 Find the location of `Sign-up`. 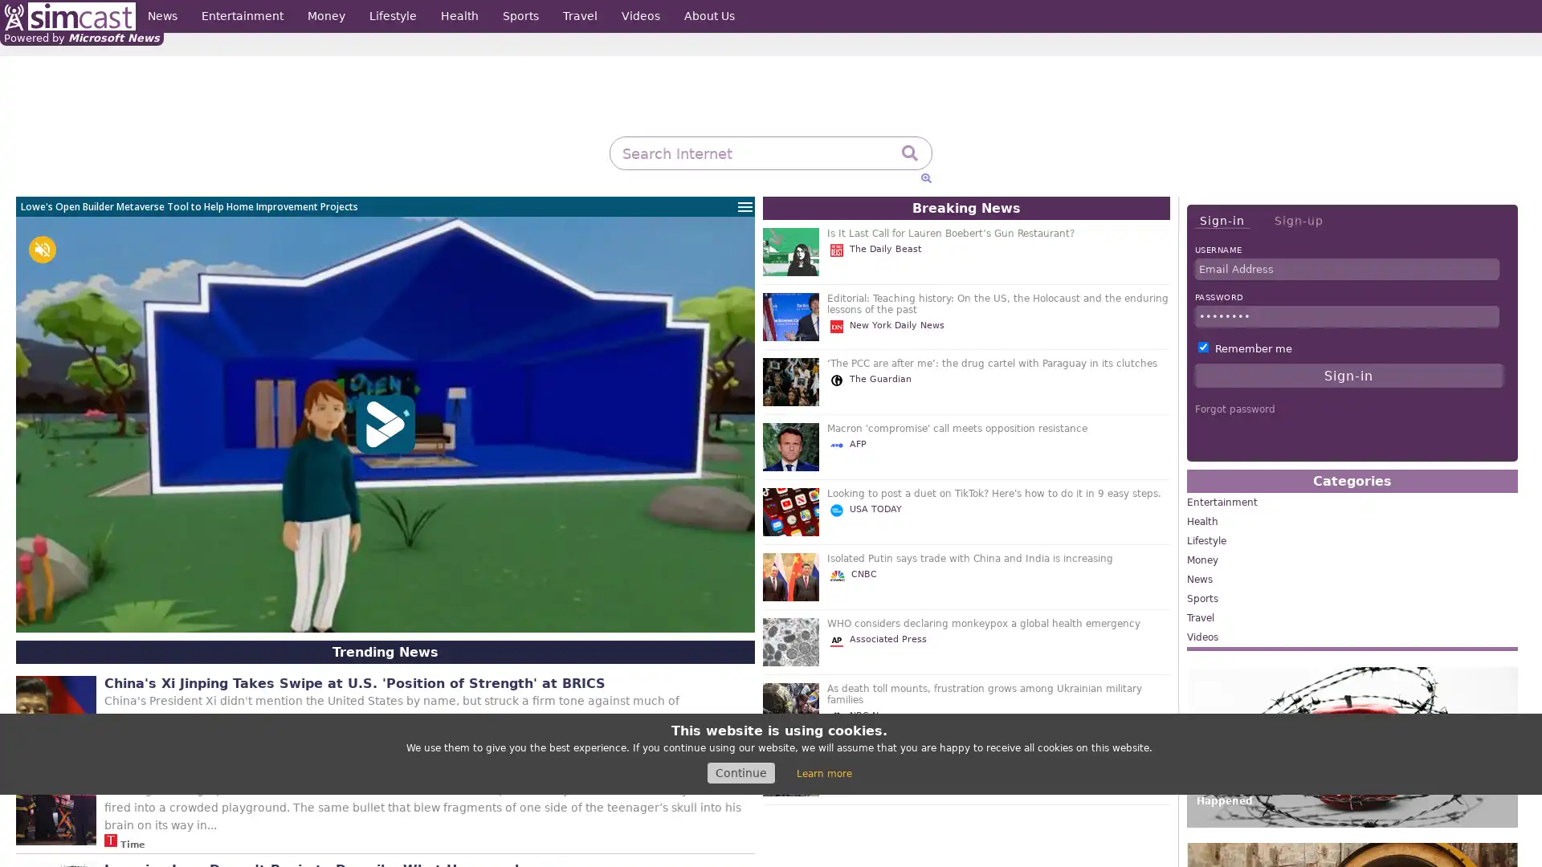

Sign-up is located at coordinates (1298, 220).